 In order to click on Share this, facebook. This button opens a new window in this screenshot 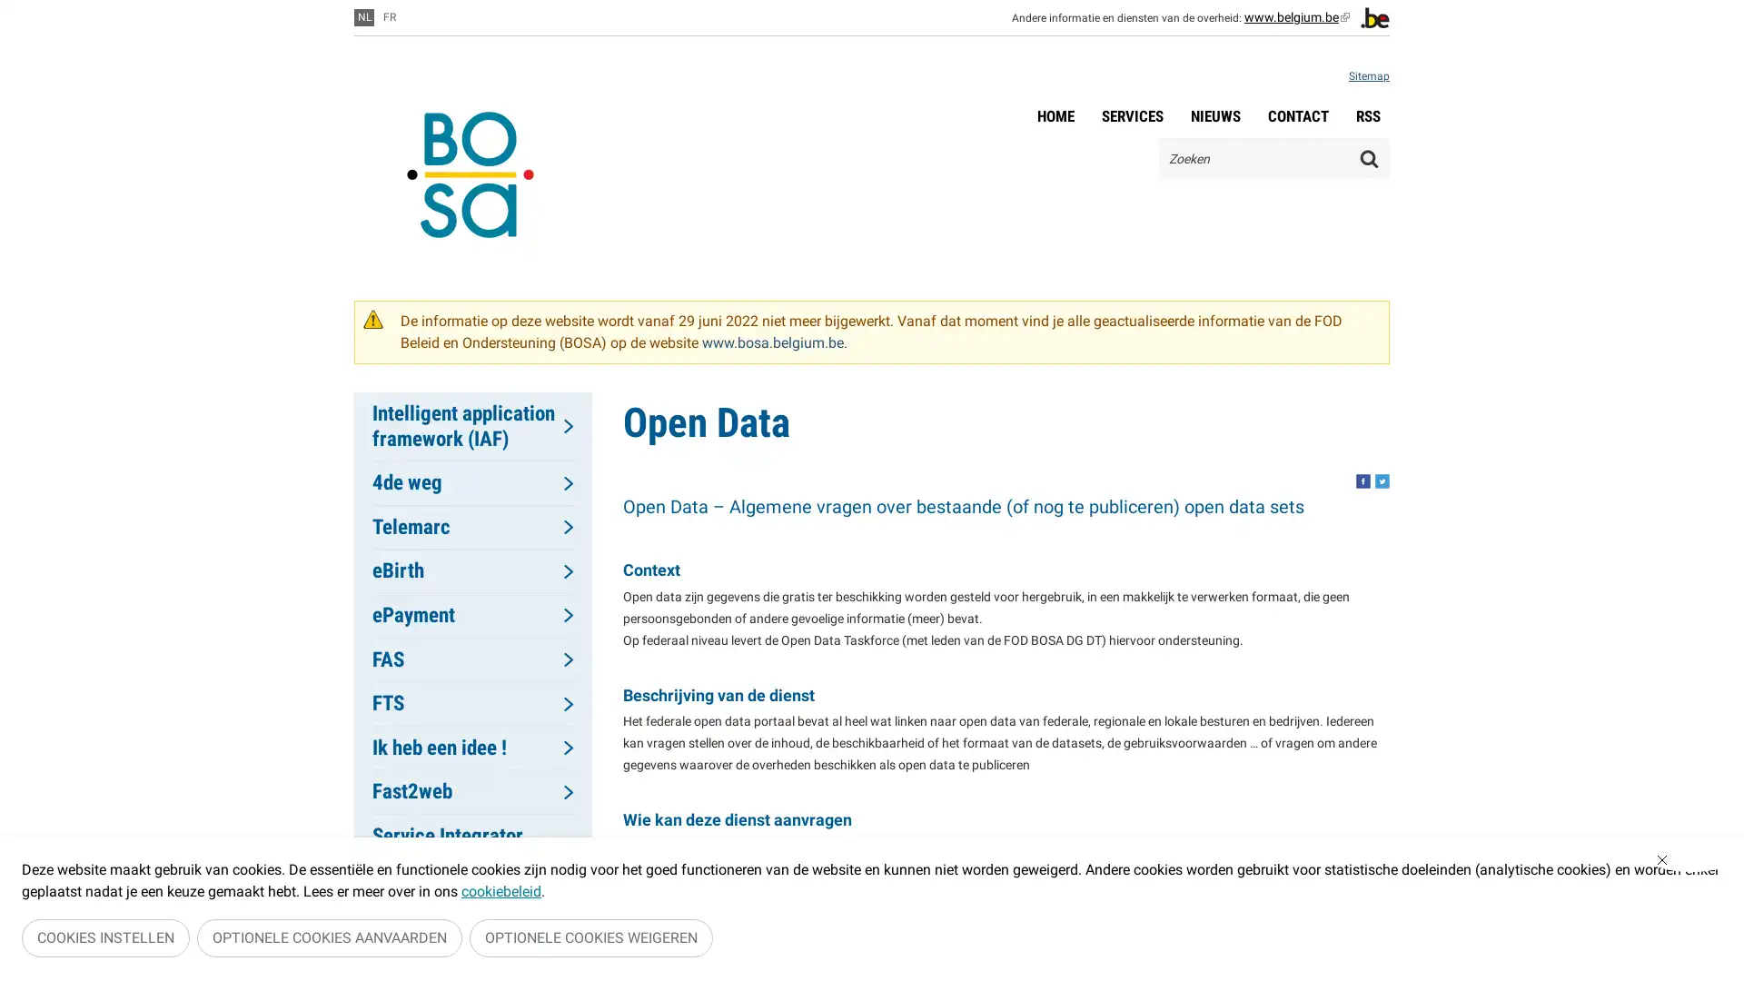, I will do `click(1362, 480)`.